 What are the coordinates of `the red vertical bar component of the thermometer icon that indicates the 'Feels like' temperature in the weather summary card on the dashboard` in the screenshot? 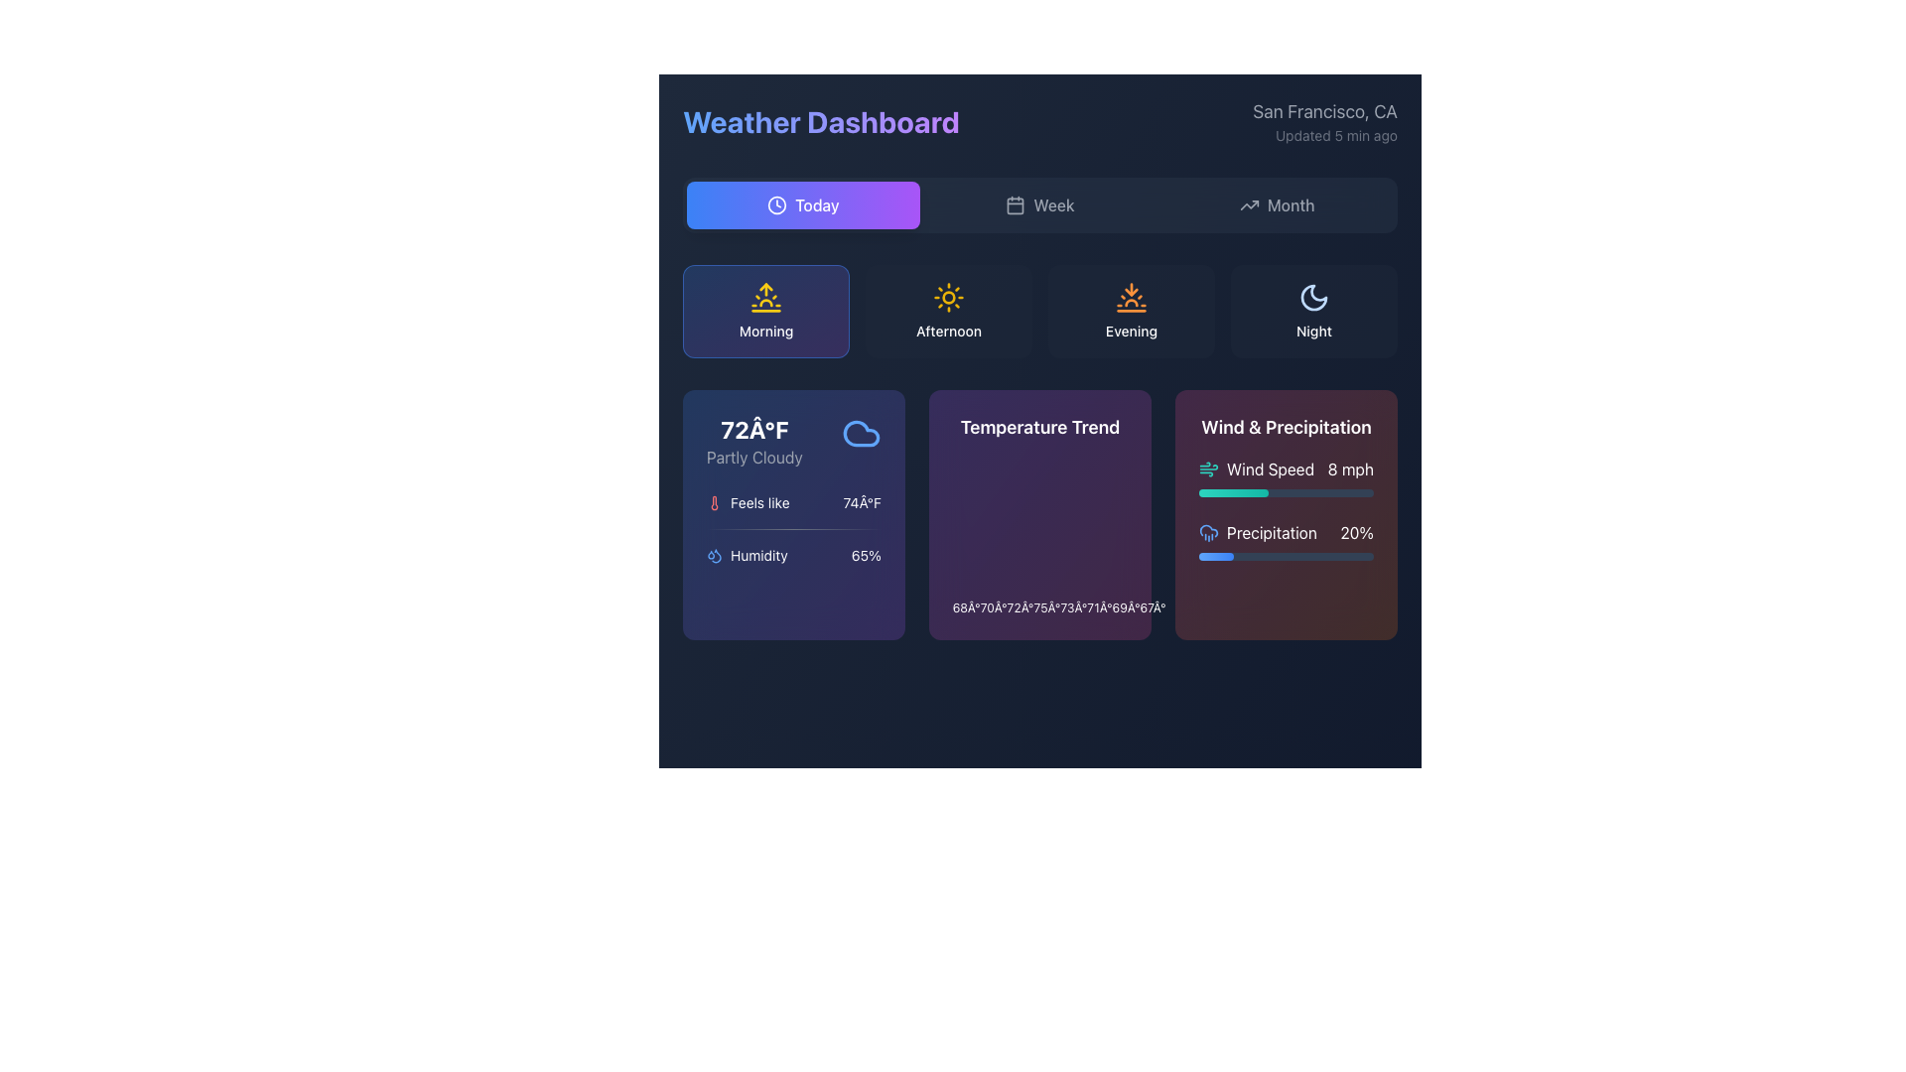 It's located at (715, 501).